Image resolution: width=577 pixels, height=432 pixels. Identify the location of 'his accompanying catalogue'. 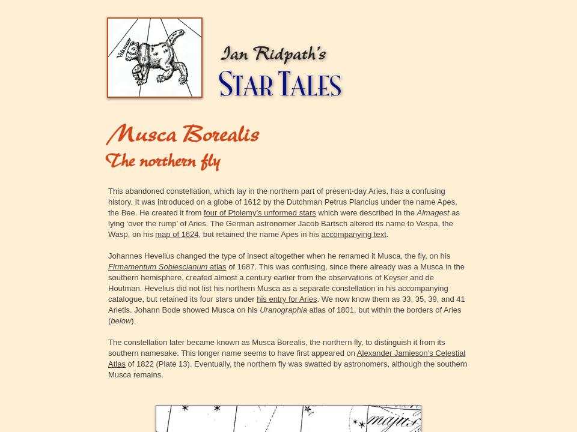
(278, 293).